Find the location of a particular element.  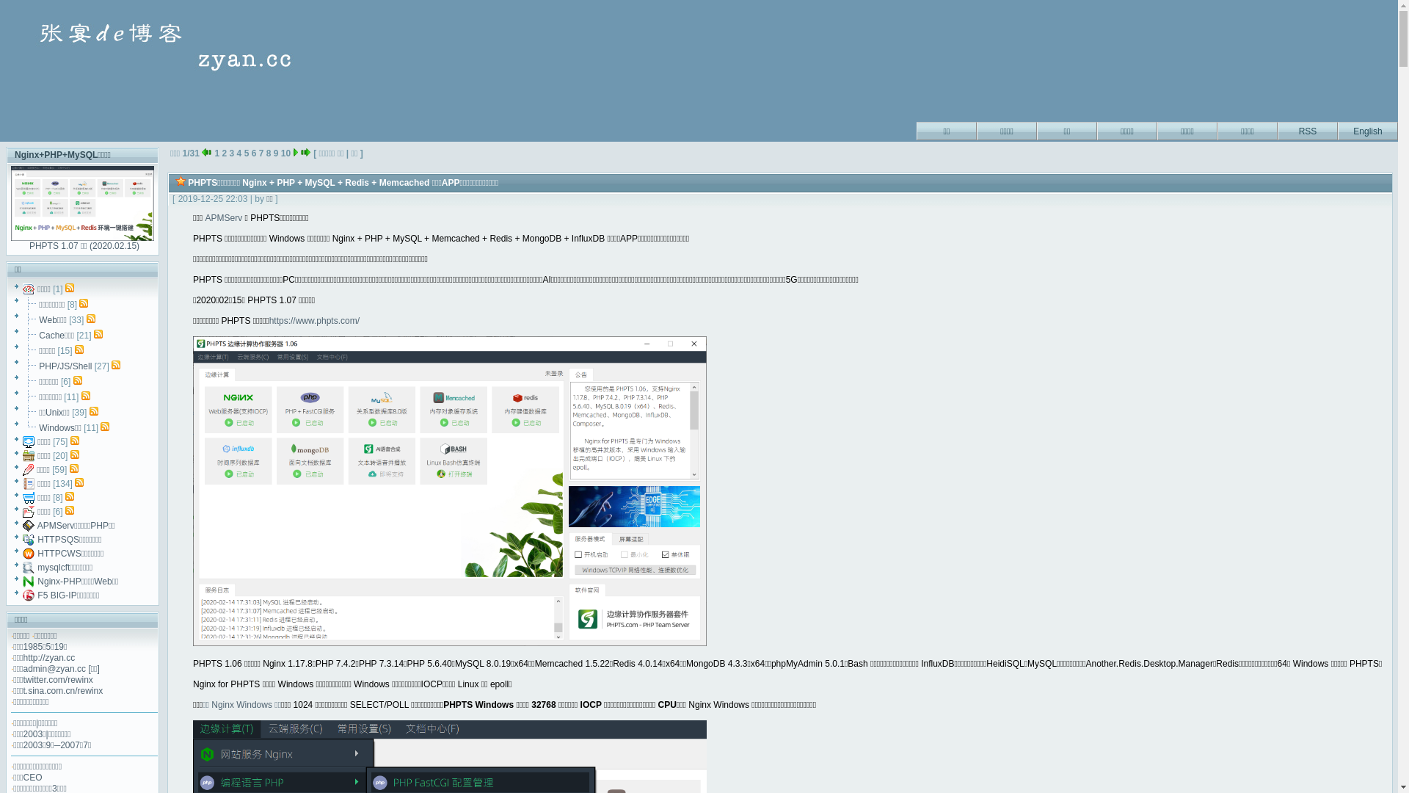

't.sina.com.cn/rewinx' is located at coordinates (62, 691).